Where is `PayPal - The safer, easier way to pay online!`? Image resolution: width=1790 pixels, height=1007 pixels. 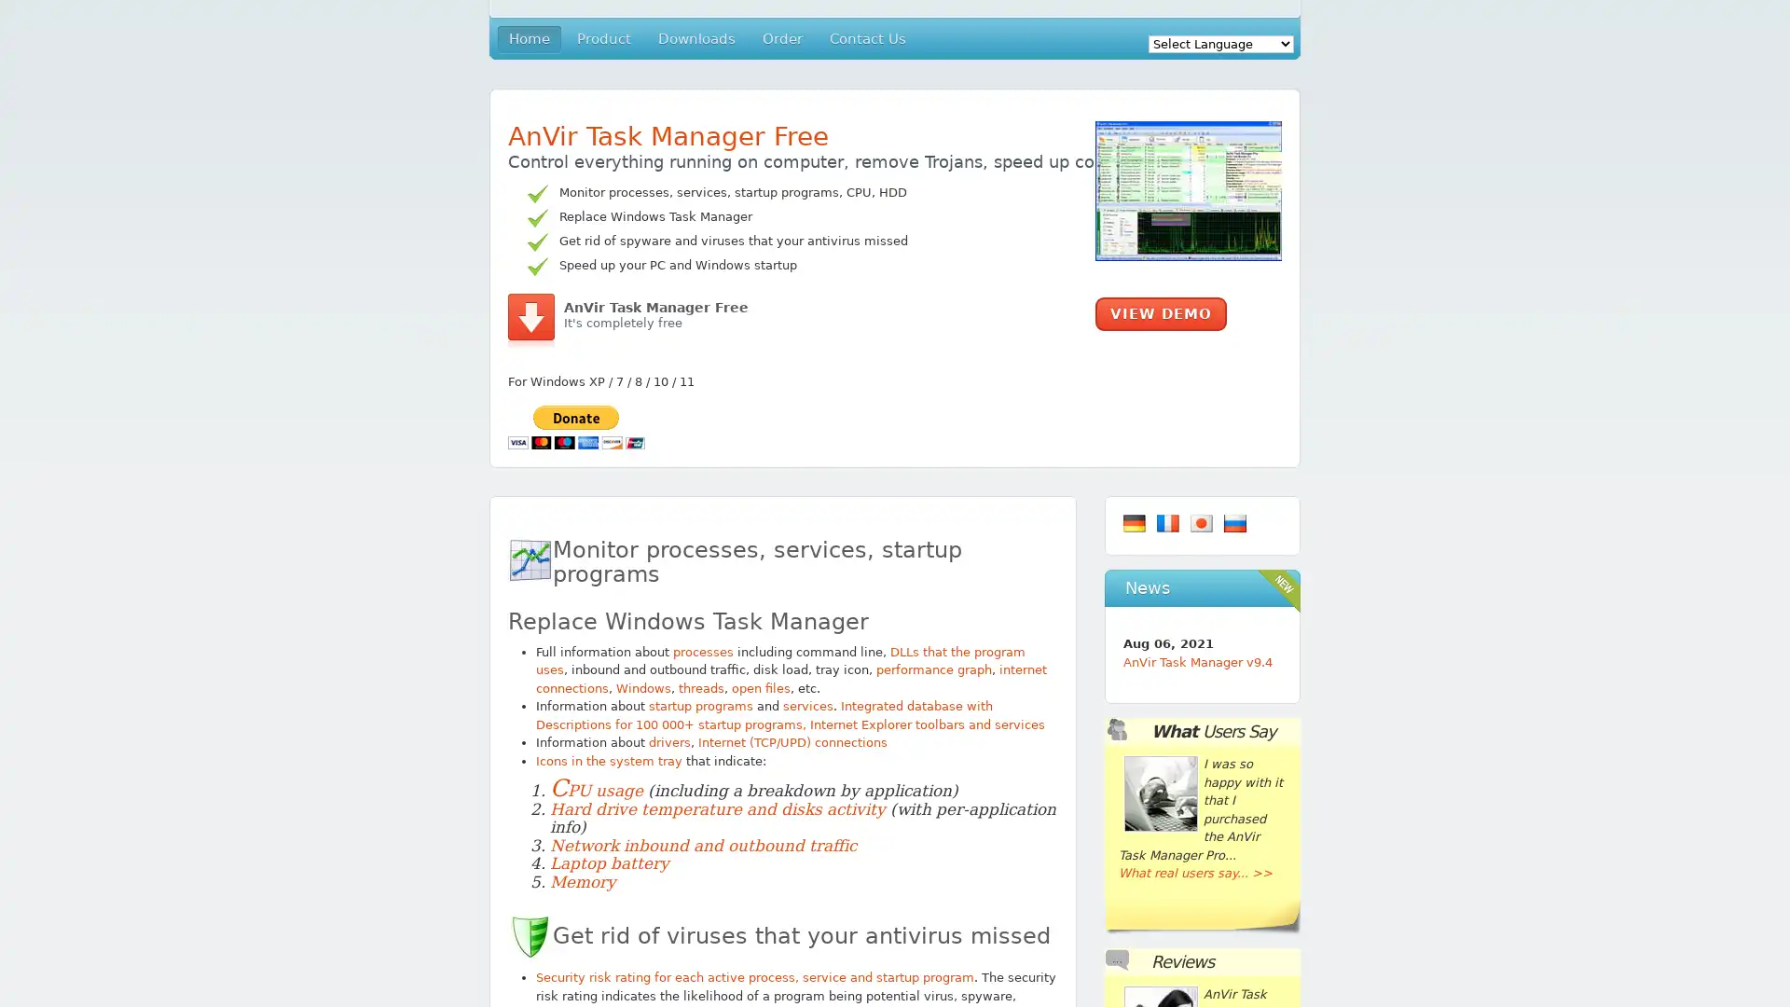 PayPal - The safer, easier way to pay online! is located at coordinates (575, 426).